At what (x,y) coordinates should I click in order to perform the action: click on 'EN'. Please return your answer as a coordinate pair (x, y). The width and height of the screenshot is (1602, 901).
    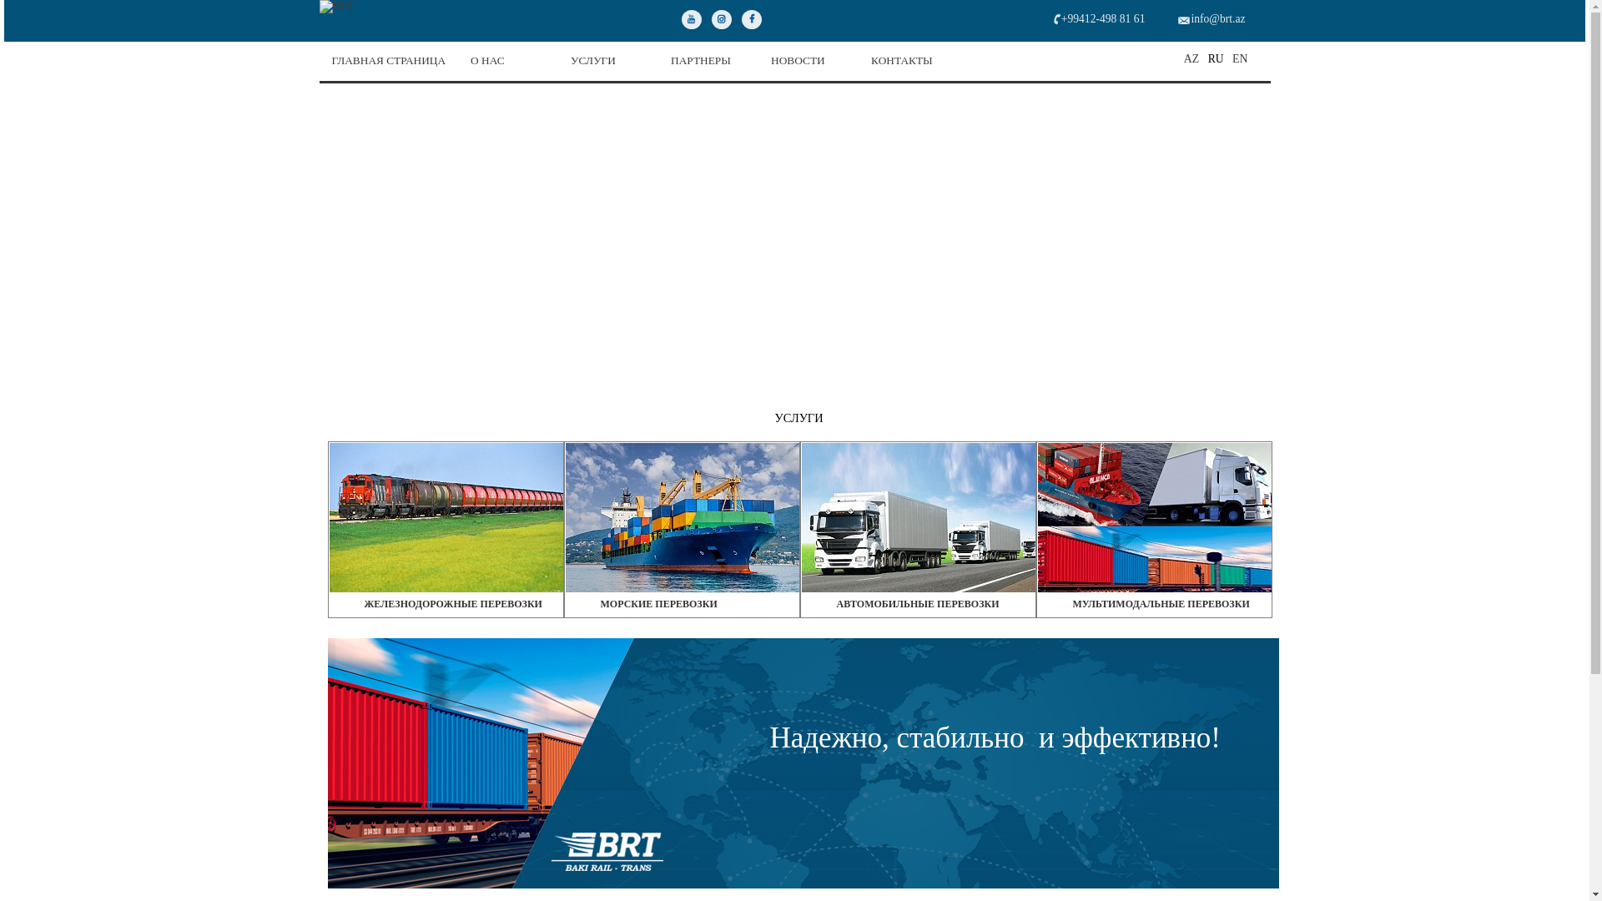
    Looking at the image, I should click on (1240, 58).